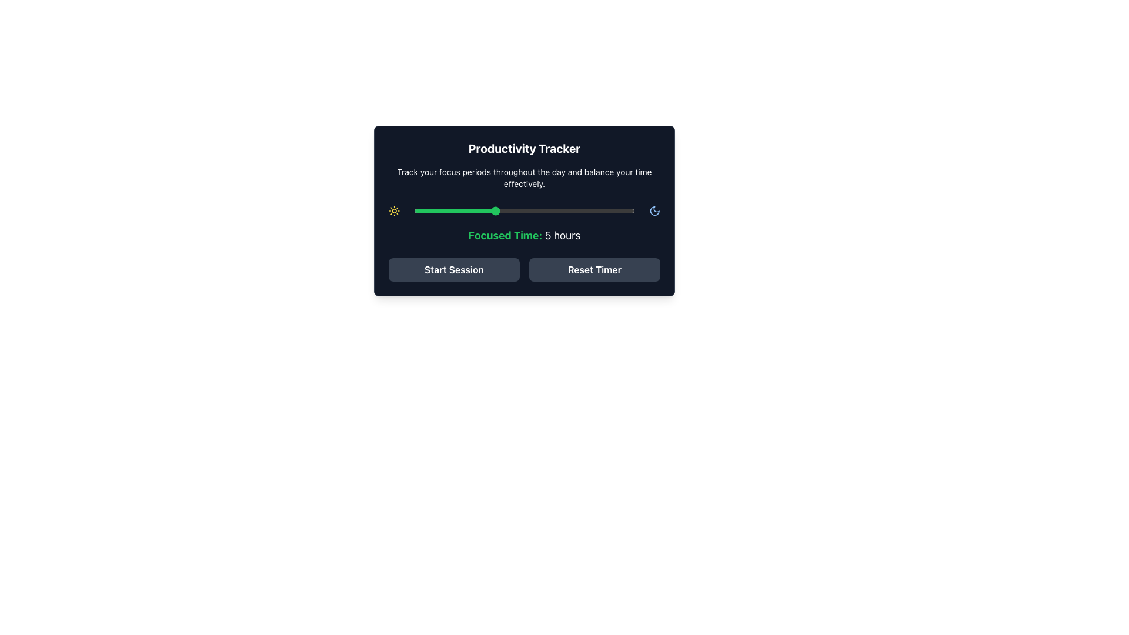  What do you see at coordinates (505, 235) in the screenshot?
I see `the label displaying 'Focused Time:' which is styled in a green font and is part of a text block indicating focused time duration` at bounding box center [505, 235].